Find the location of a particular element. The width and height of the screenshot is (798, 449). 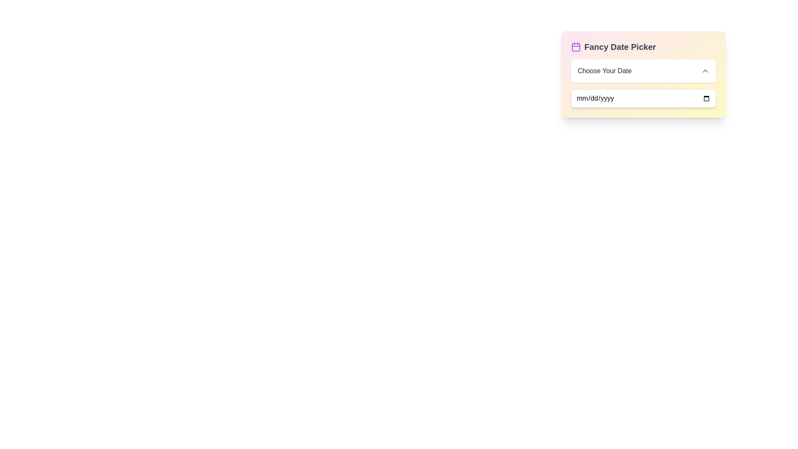

the text label displaying 'Choose Your Date' in dark gray font, which is positioned above the text input field within the 'Fancy Date Picker' interactive box is located at coordinates (604, 70).